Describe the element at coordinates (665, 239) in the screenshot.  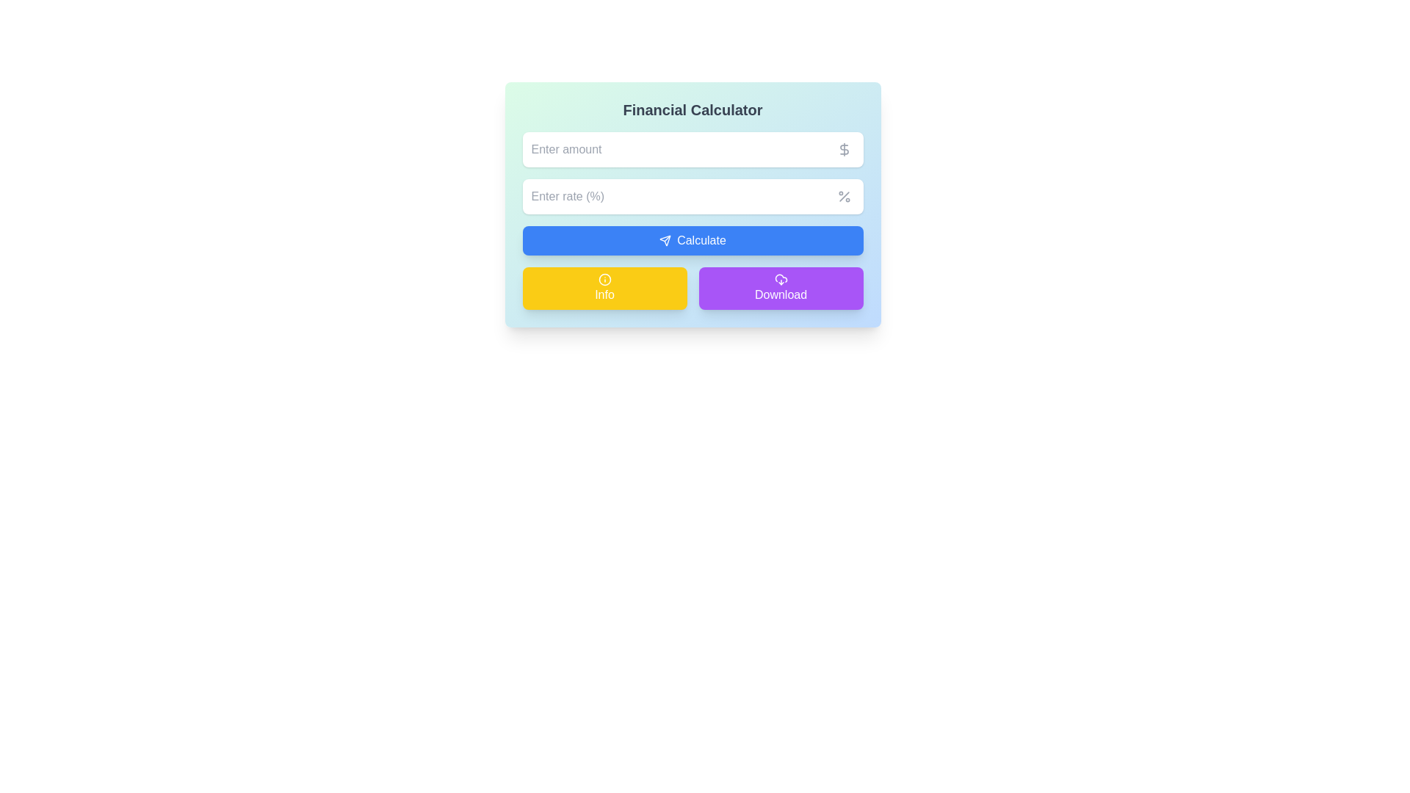
I see `the small paper plane icon representing the 'send' action, located to the left side of the 'Calculate' button, near the center of the button's vertical axis` at that location.